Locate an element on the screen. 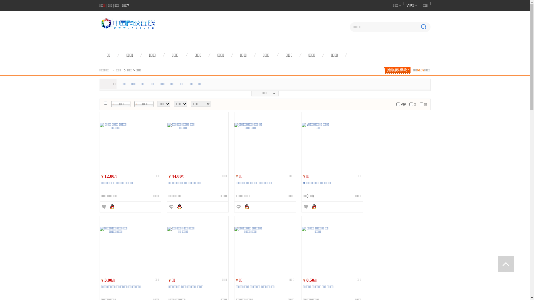 This screenshot has height=300, width=534. 'on' is located at coordinates (103, 103).